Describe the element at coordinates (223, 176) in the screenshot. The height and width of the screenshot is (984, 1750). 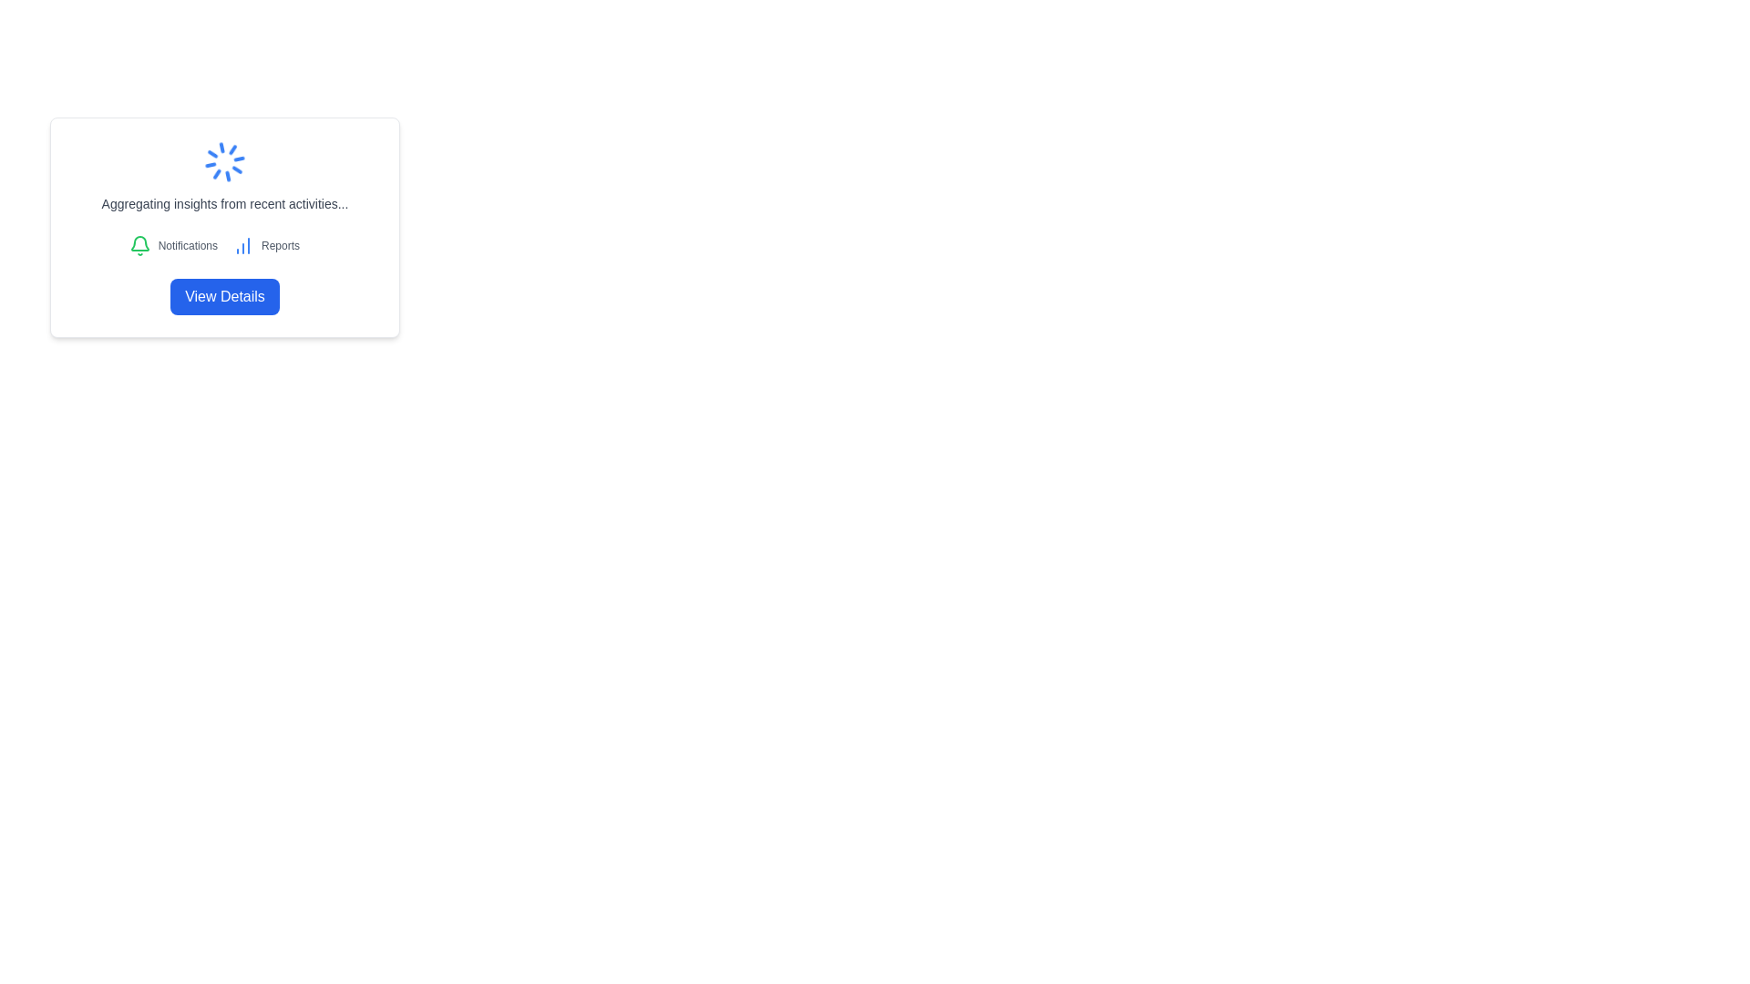
I see `the loading indicator which displays 'Aggregating insights from recent activities...' and features a spinning blue loader above the text` at that location.